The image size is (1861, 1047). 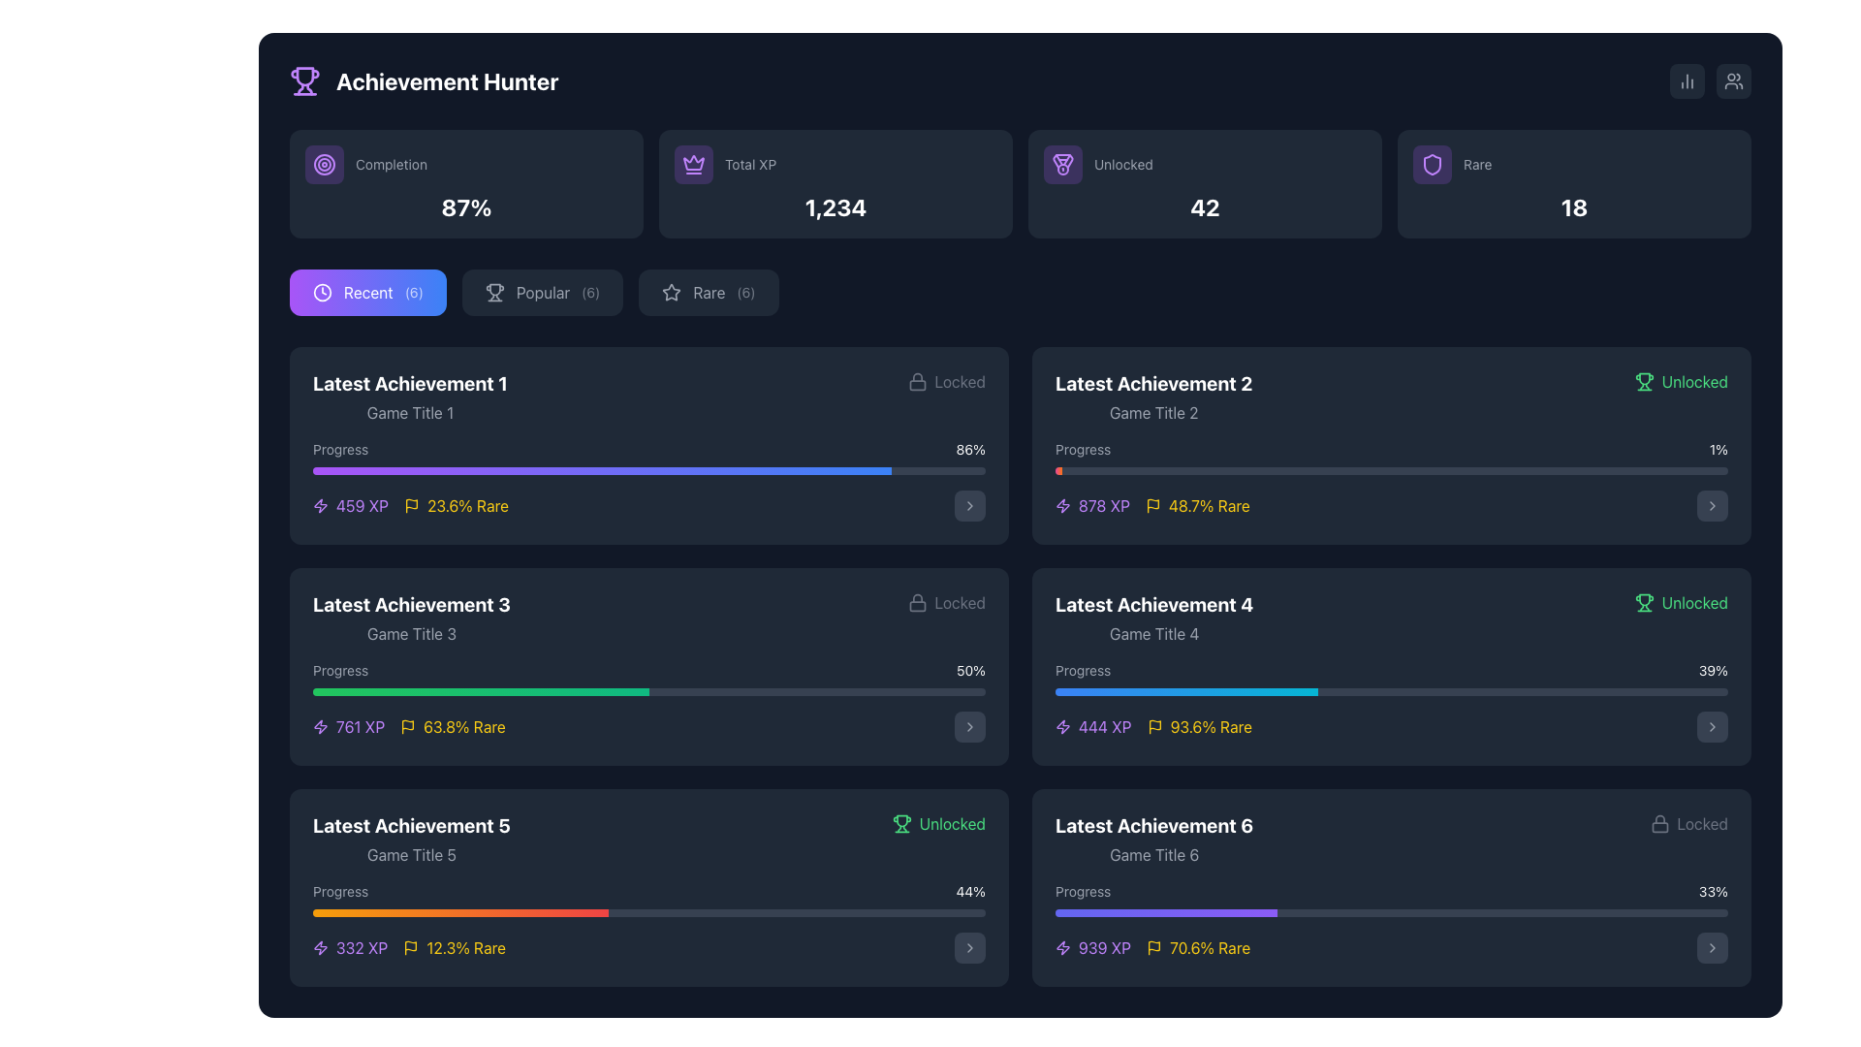 What do you see at coordinates (1687, 80) in the screenshot?
I see `the button icon resembling a bar chart located in the top-right corner of the main interface` at bounding box center [1687, 80].